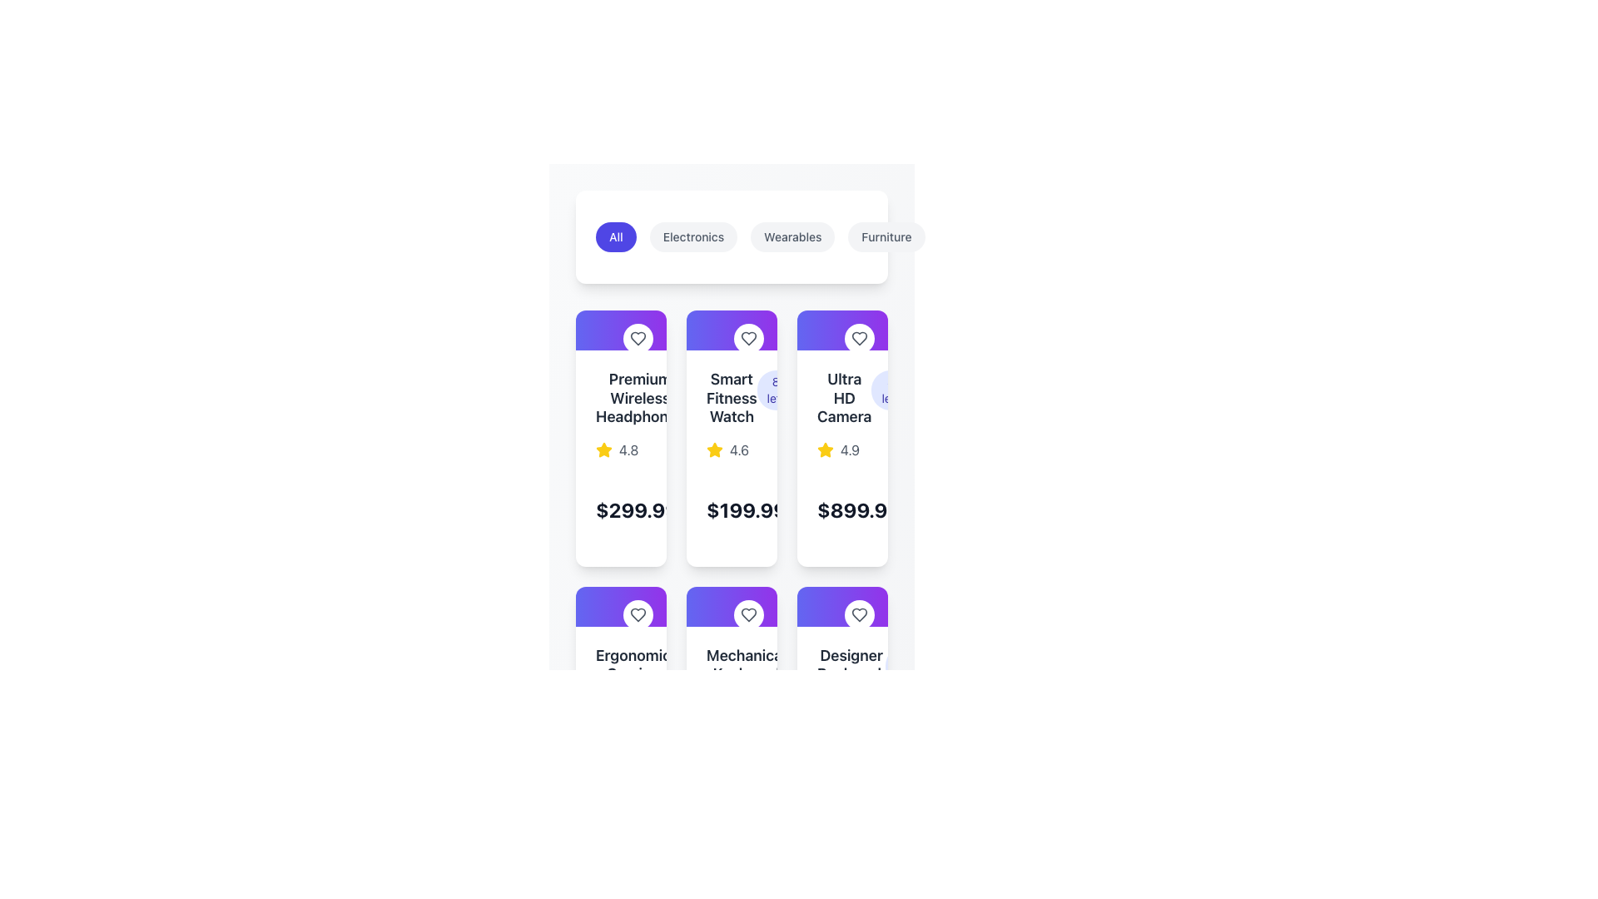 The image size is (1598, 899). I want to click on the first button in the Filter menu buttons group to visualize its hover effect, so click(732, 237).